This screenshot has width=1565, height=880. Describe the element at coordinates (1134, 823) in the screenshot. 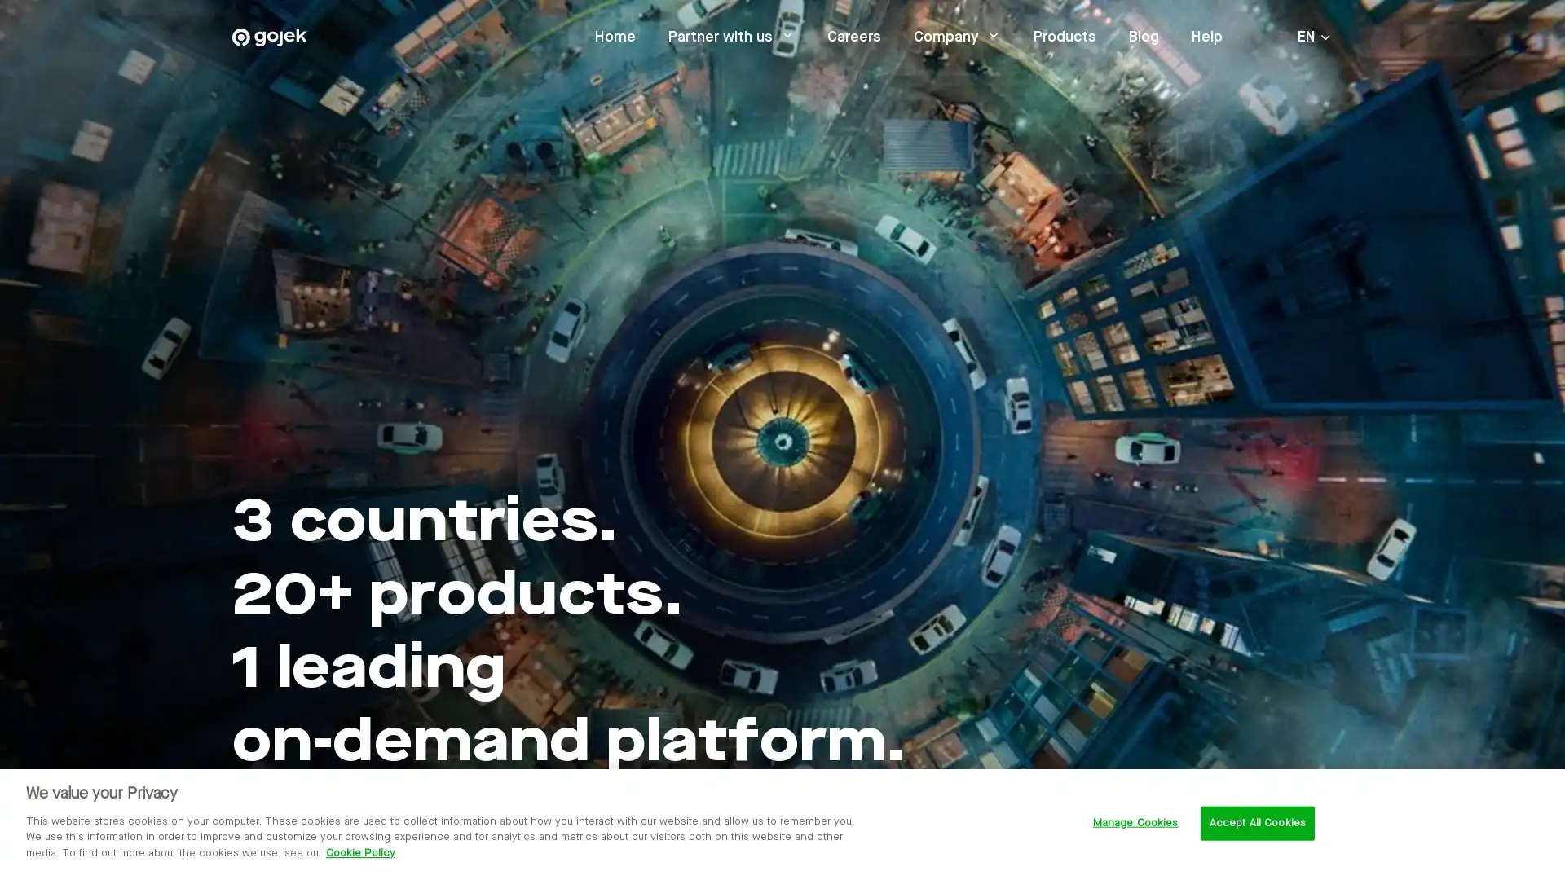

I see `Manage Cookies` at that location.